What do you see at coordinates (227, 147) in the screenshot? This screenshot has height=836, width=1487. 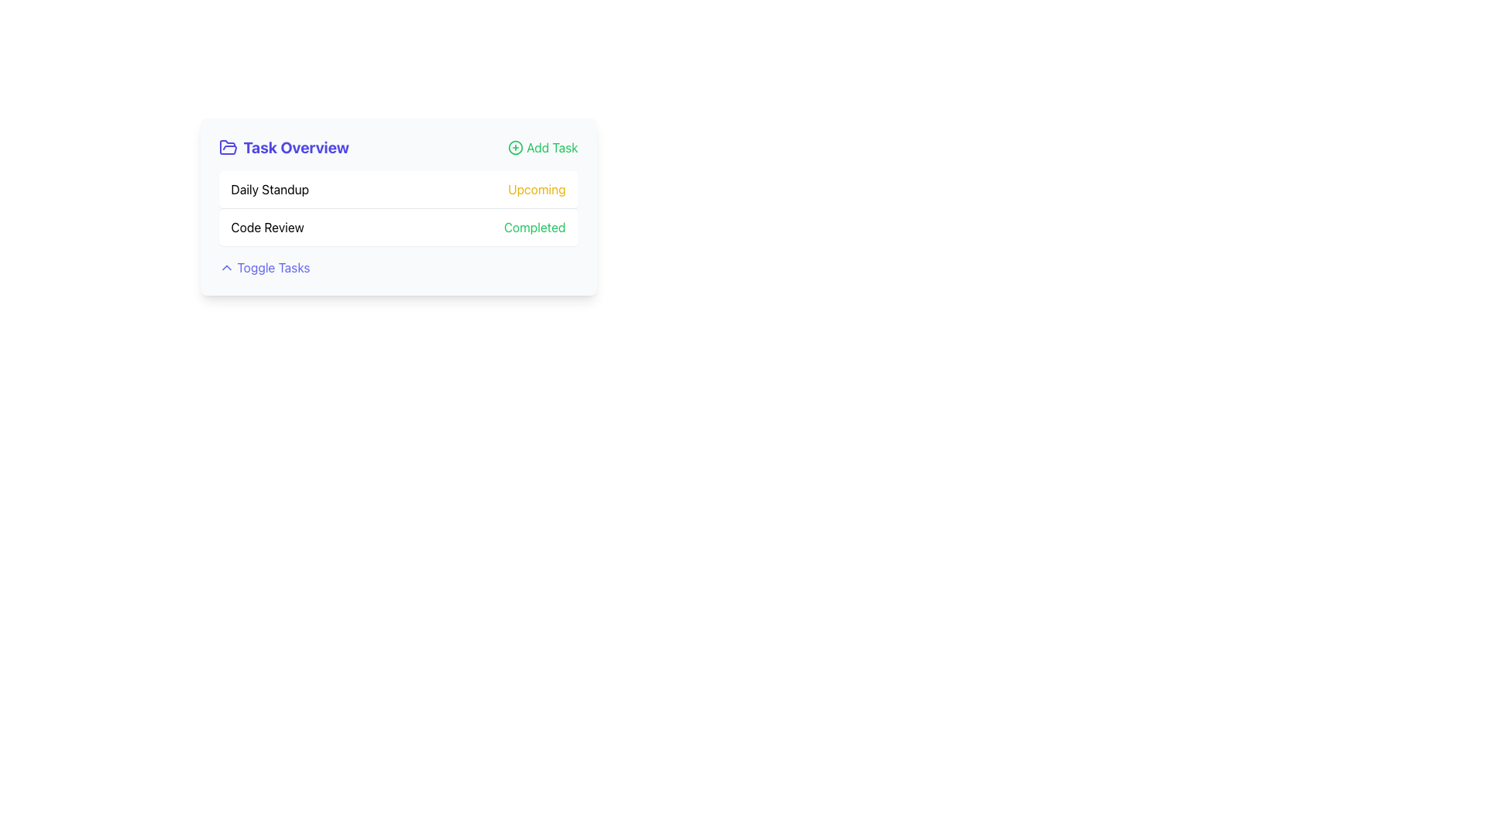 I see `the open folder icon located to the left of the 'Task Overview' title, which is styled with blue strokes and a bold outline` at bounding box center [227, 147].